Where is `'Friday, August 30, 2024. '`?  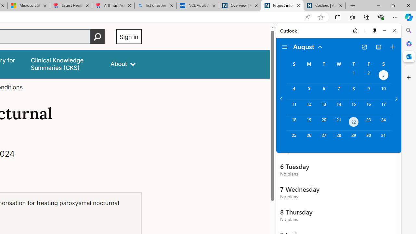 'Friday, August 30, 2024. ' is located at coordinates (369, 138).